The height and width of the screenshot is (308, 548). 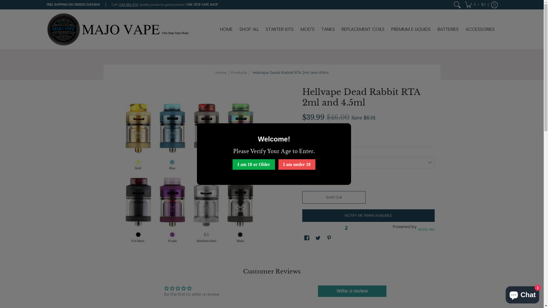 I want to click on 'Sold Out', so click(x=334, y=197).